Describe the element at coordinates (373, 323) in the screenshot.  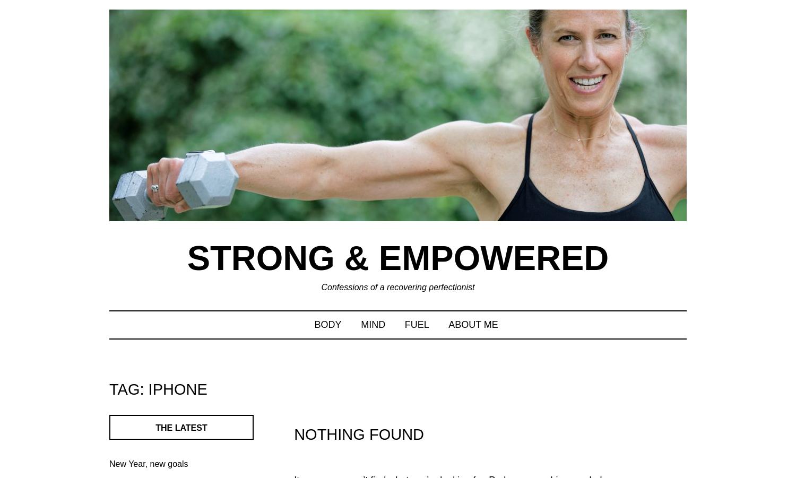
I see `'MIND'` at that location.